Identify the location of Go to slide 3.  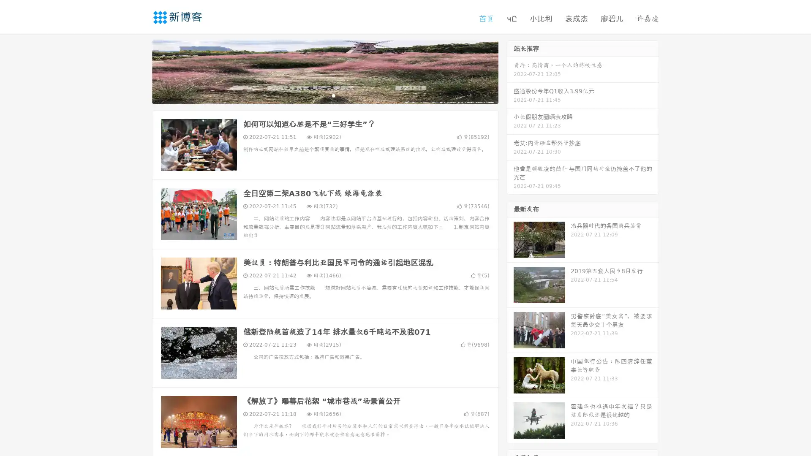
(333, 95).